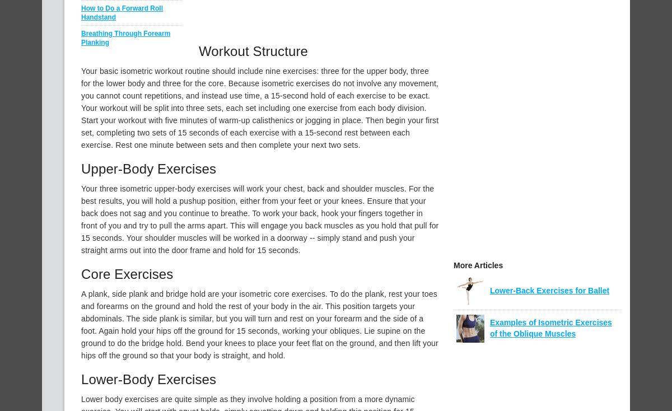 This screenshot has height=411, width=672. What do you see at coordinates (253, 51) in the screenshot?
I see `'Workout Structure'` at bounding box center [253, 51].